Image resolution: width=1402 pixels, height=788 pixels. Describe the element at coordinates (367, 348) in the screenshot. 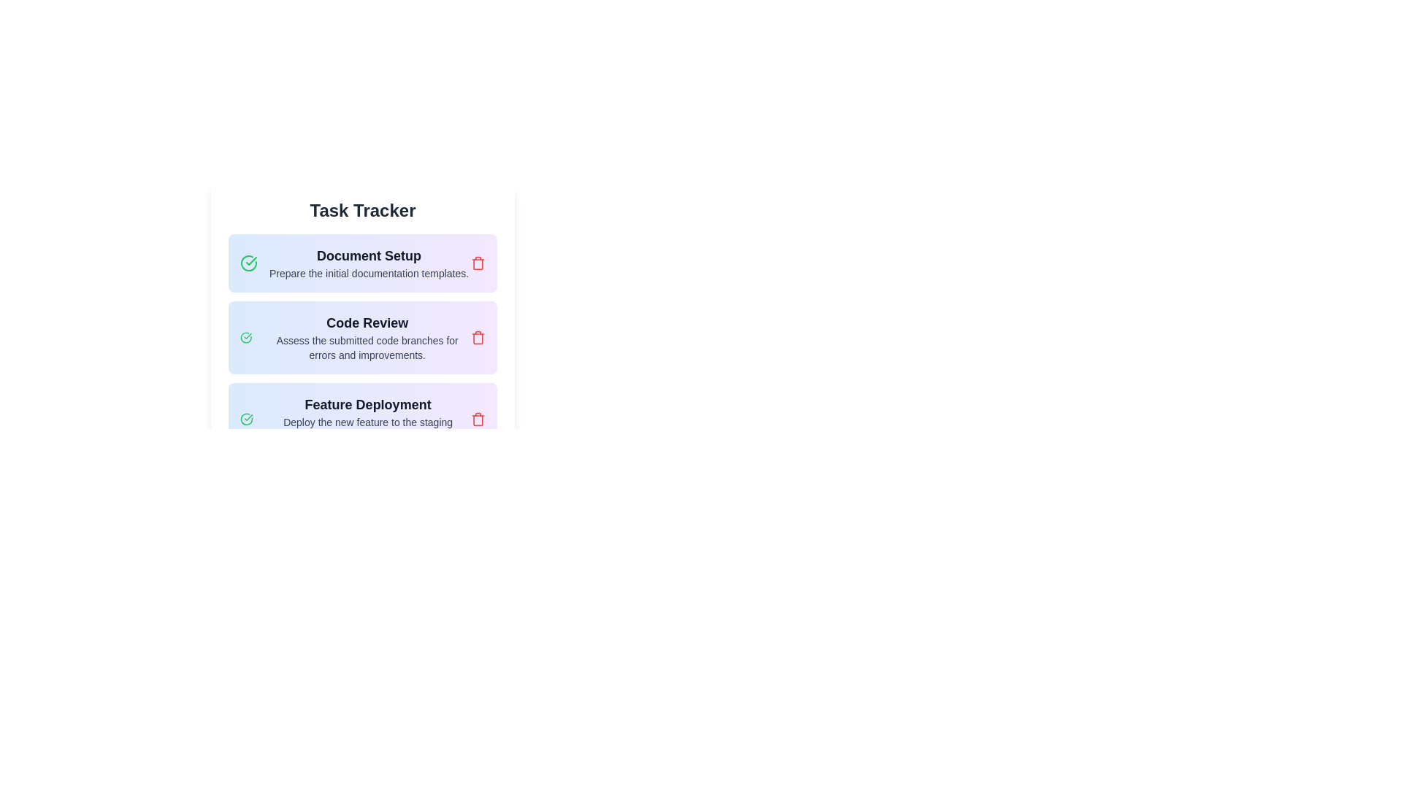

I see `content displayed in the detailed description text label located directly below the 'Code Review' heading in the Task Tracker section` at that location.